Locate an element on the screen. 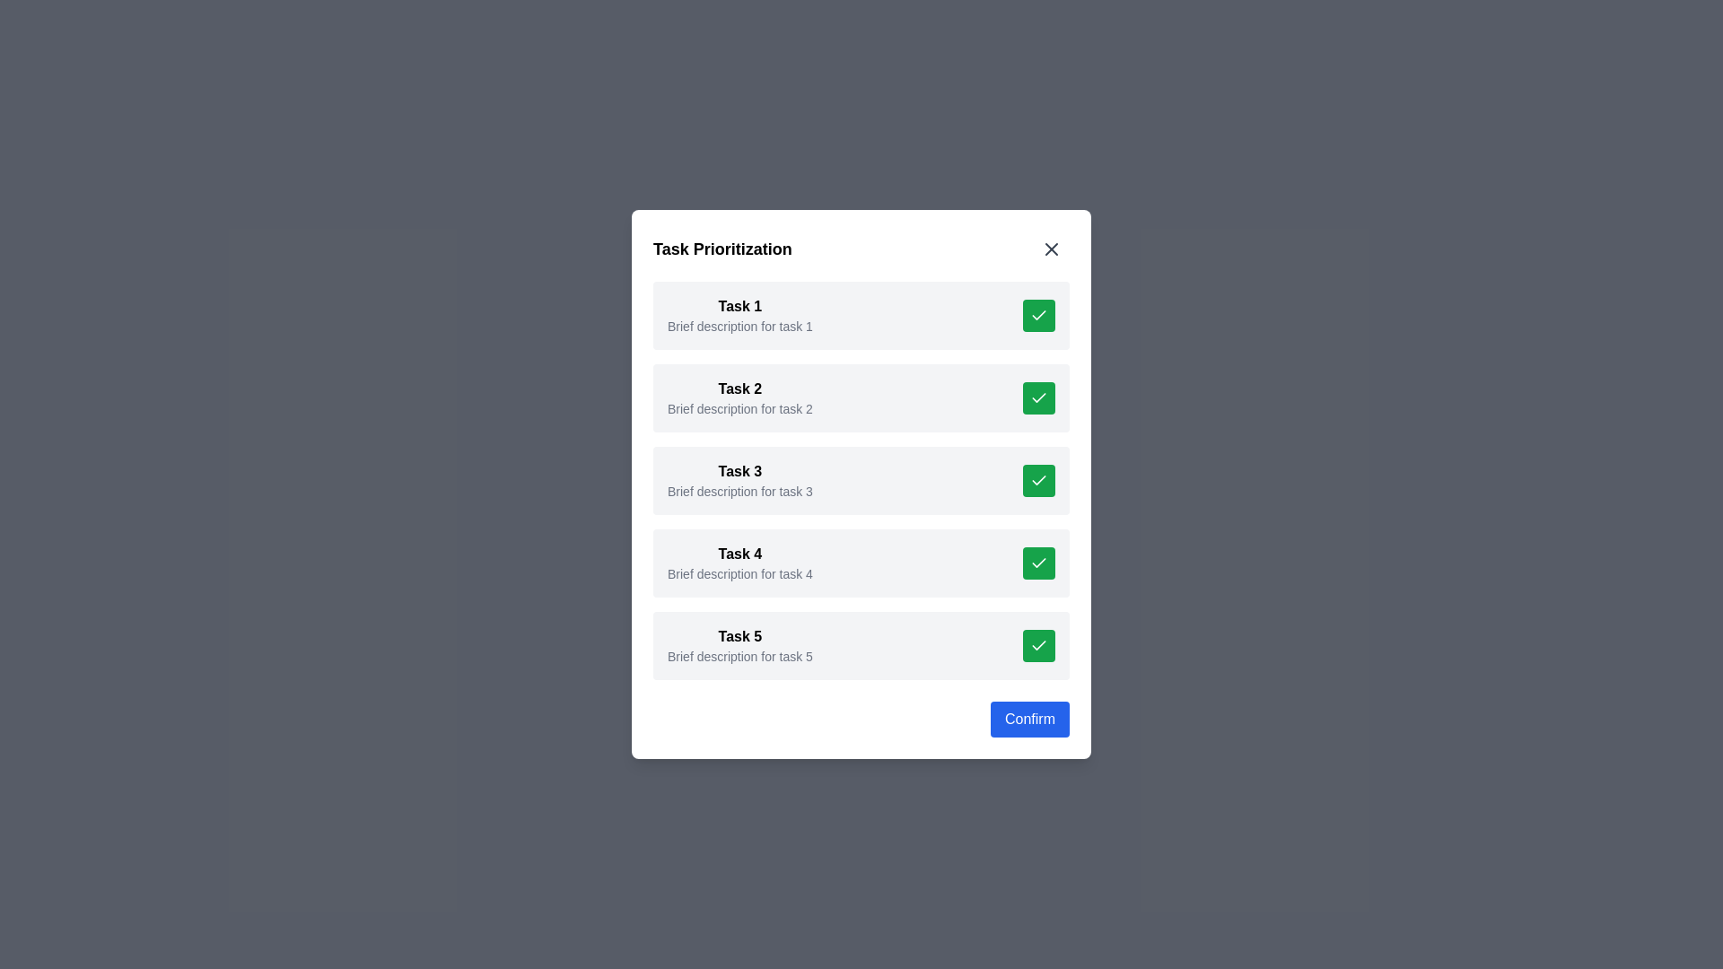 The image size is (1723, 969). the icon-based button located in the upper-right corner of the 'Task Prioritization' card is located at coordinates (1051, 249).